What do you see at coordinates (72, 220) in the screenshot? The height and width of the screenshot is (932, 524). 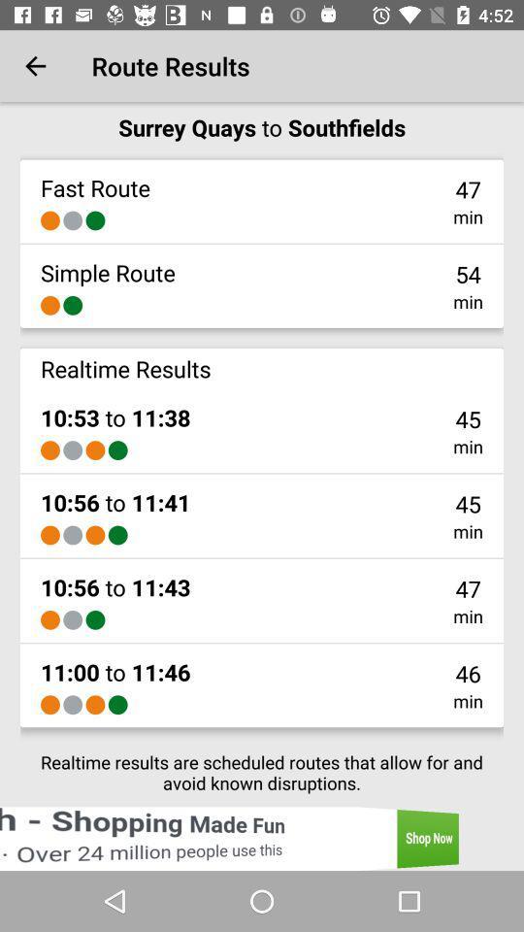 I see `item above simple route item` at bounding box center [72, 220].